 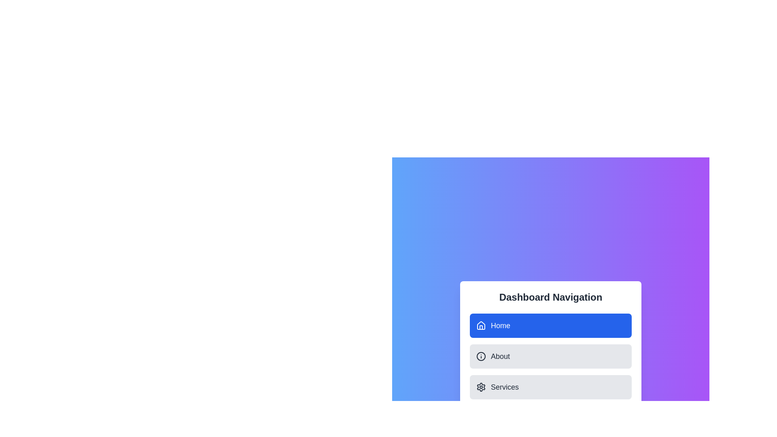 What do you see at coordinates (550, 356) in the screenshot?
I see `the 'About' button located below the 'Home' button and above the 'Services' button in the navigation section` at bounding box center [550, 356].